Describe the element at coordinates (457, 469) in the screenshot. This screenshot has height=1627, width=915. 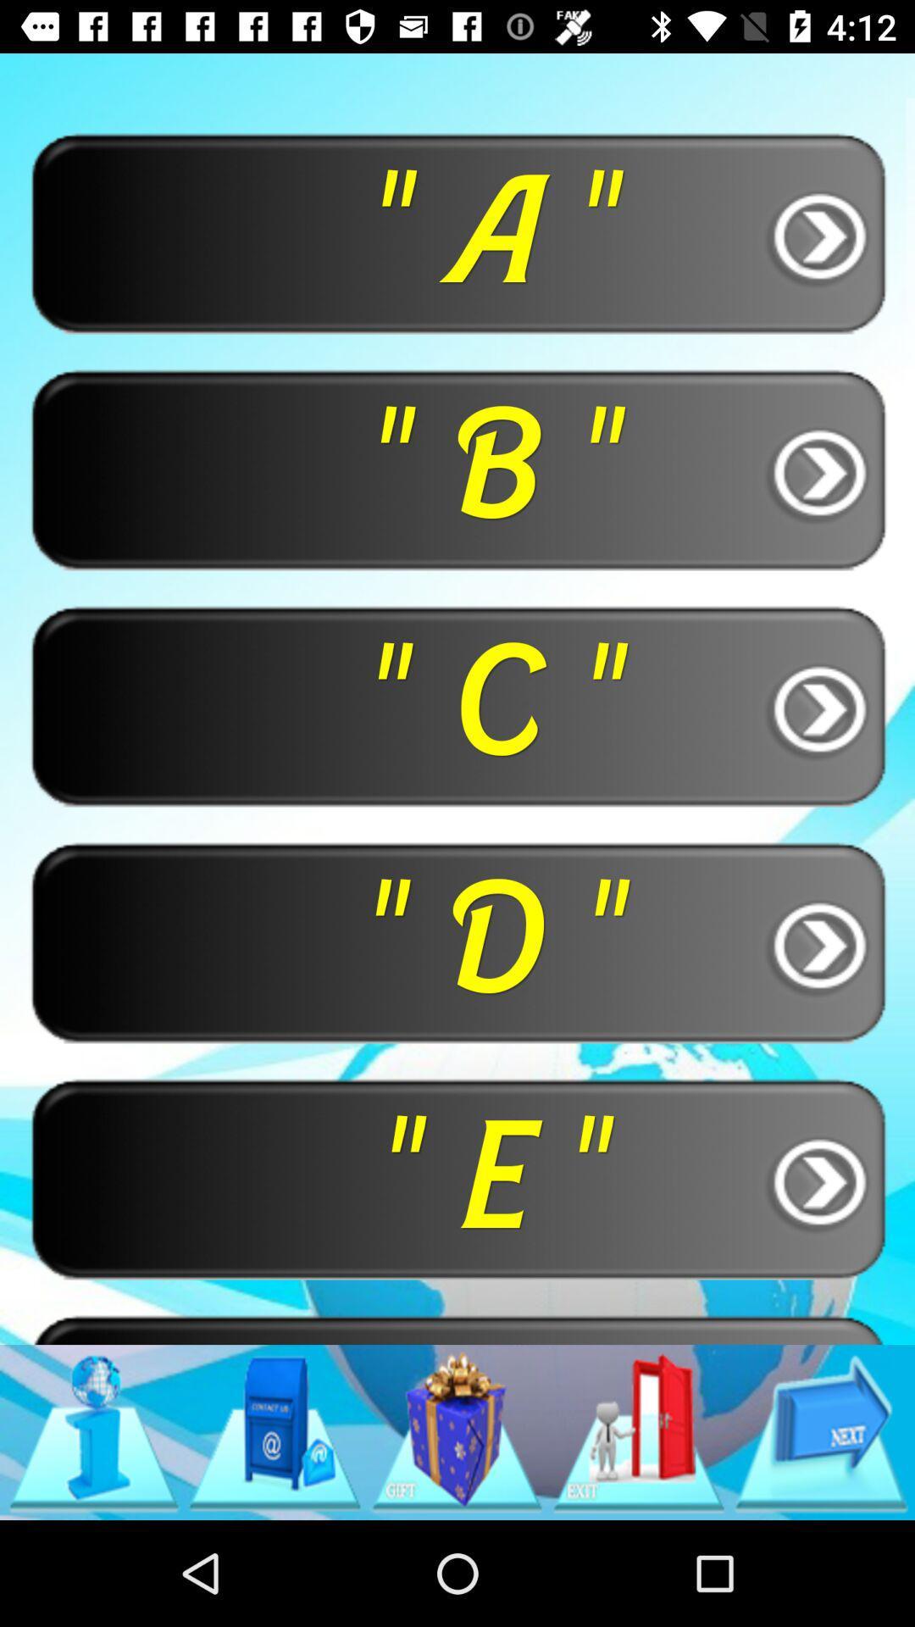
I see `item below   " a " item` at that location.